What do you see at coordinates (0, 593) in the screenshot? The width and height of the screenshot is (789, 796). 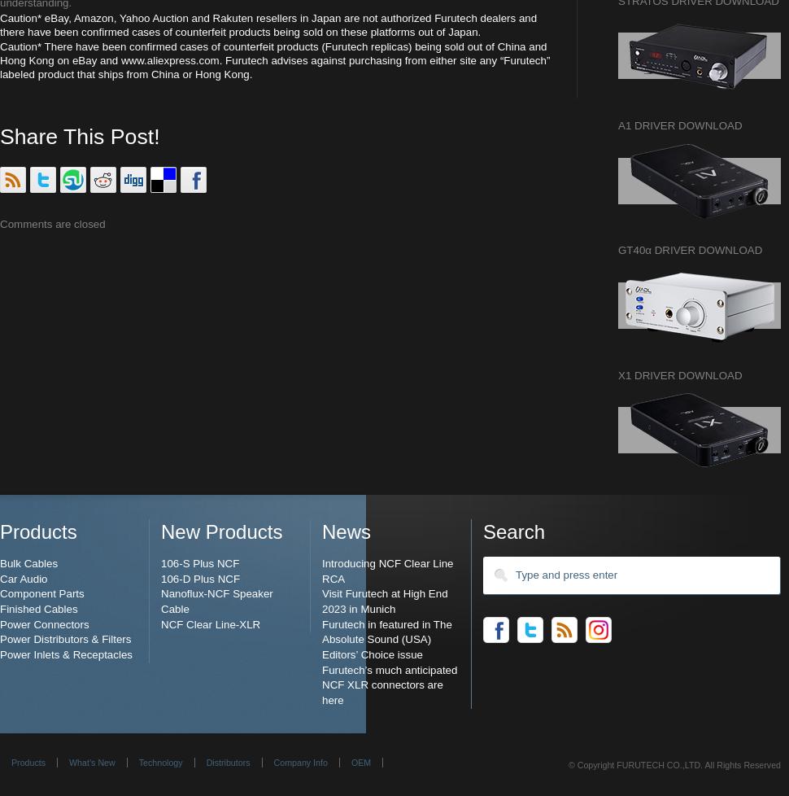 I see `'Component Parts'` at bounding box center [0, 593].